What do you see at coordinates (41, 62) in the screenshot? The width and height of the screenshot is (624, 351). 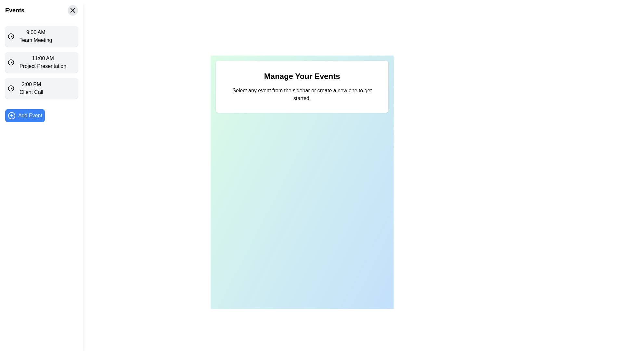 I see `the list item displaying '11:00 AM' and 'Project Presentation'` at bounding box center [41, 62].